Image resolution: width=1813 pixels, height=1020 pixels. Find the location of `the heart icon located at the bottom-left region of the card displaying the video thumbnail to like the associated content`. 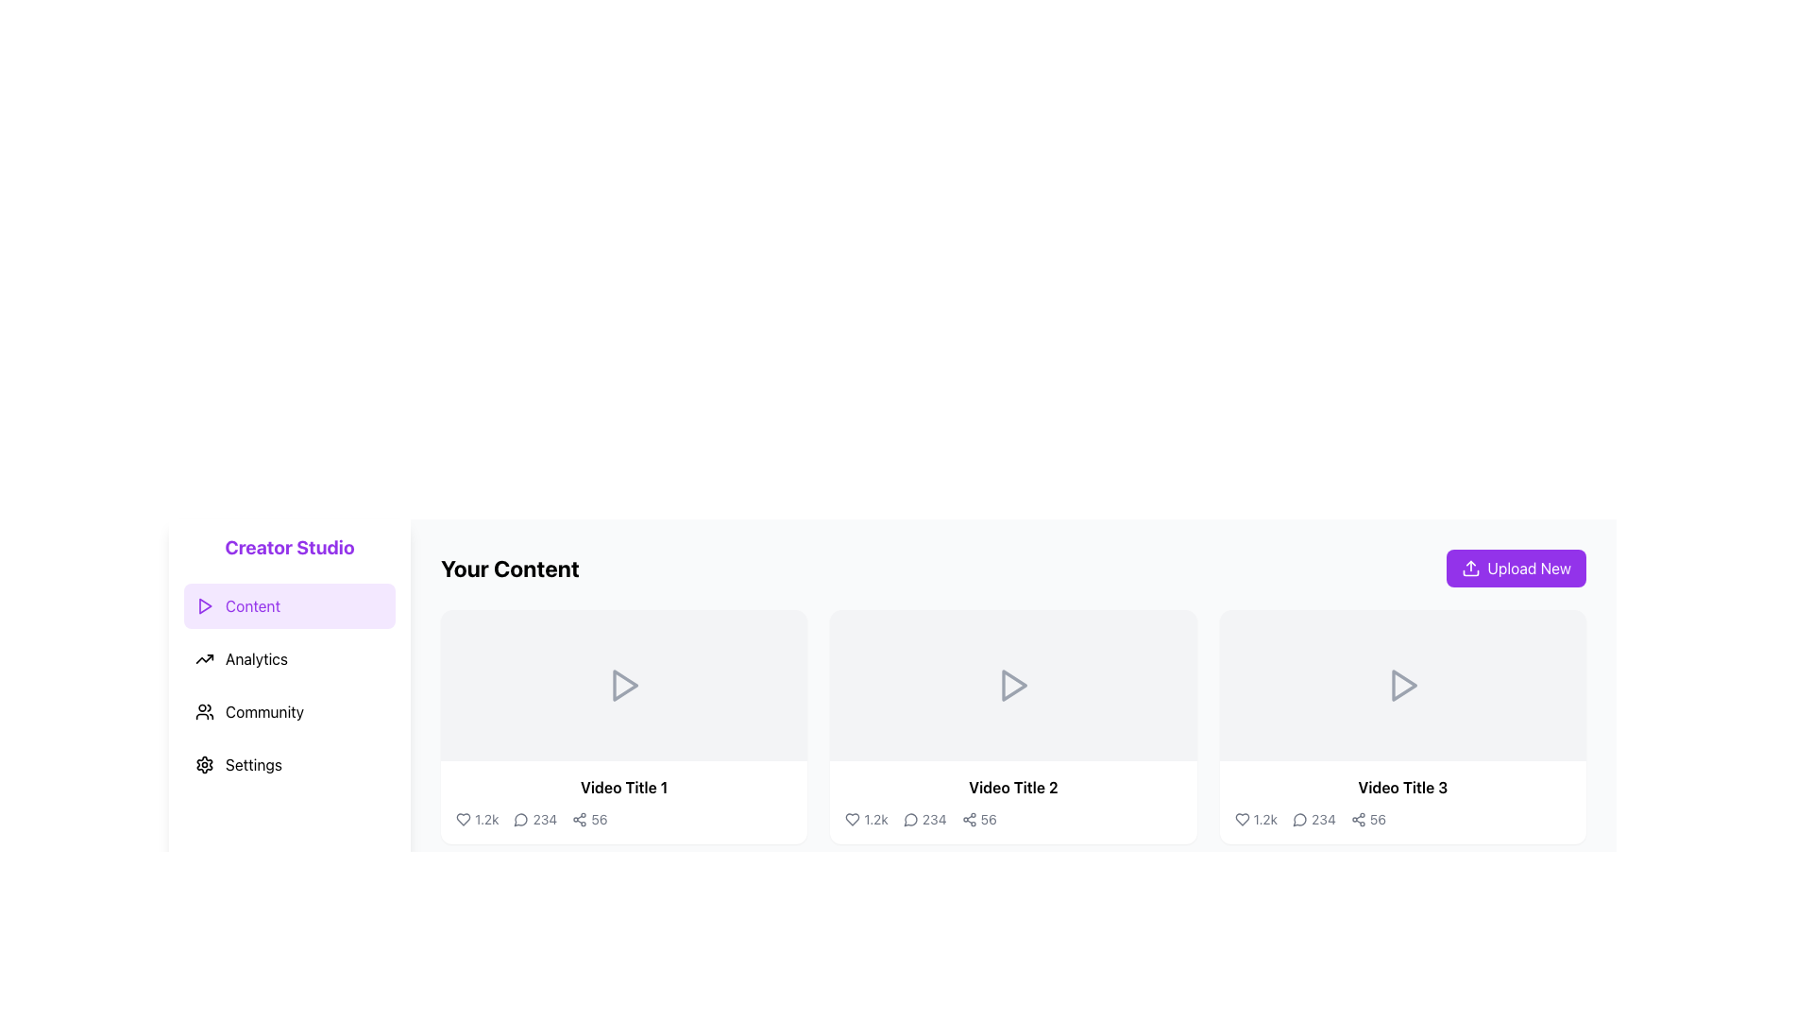

the heart icon located at the bottom-left region of the card displaying the video thumbnail to like the associated content is located at coordinates (463, 818).